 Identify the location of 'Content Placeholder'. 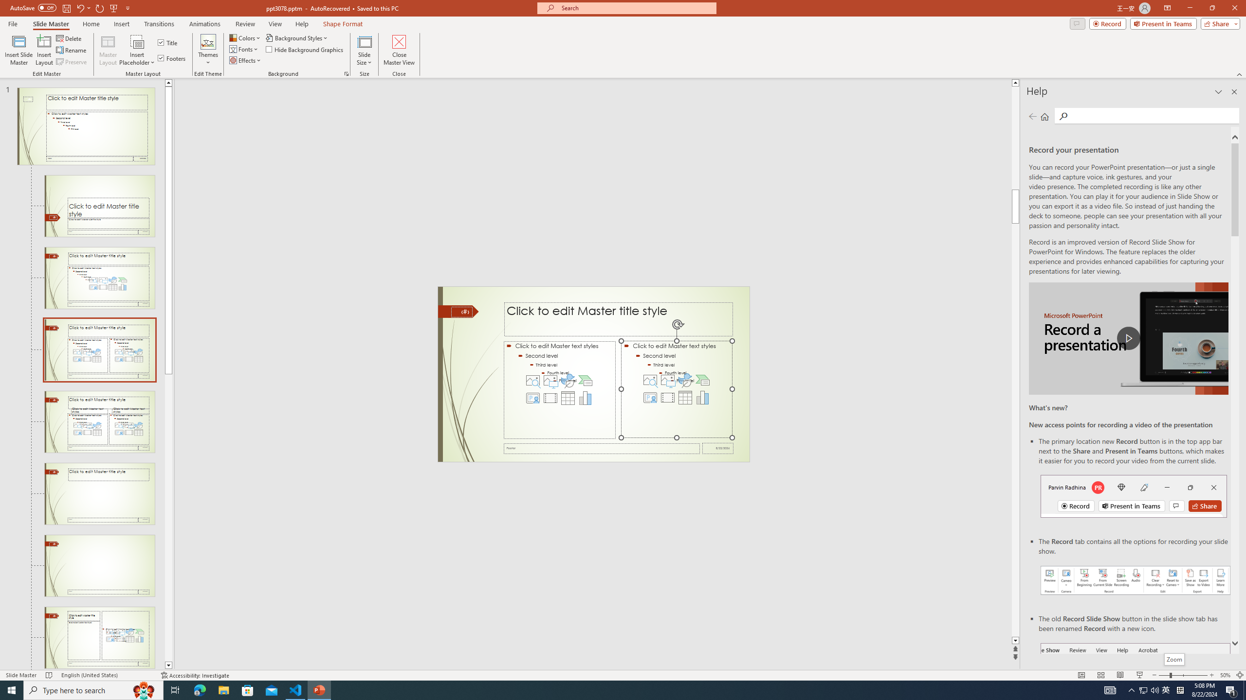
(677, 389).